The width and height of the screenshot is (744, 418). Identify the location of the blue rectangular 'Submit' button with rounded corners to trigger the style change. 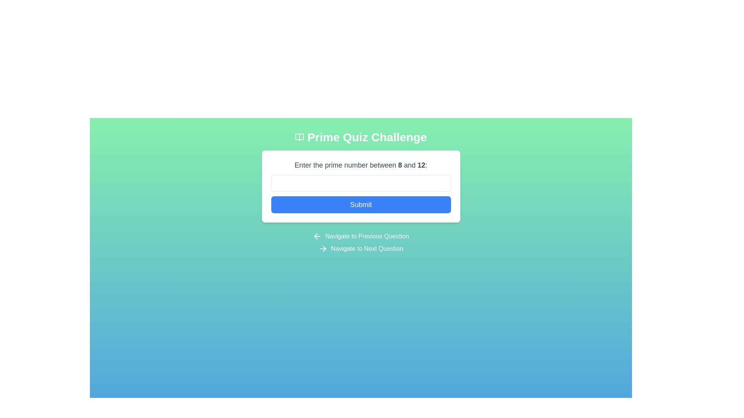
(360, 204).